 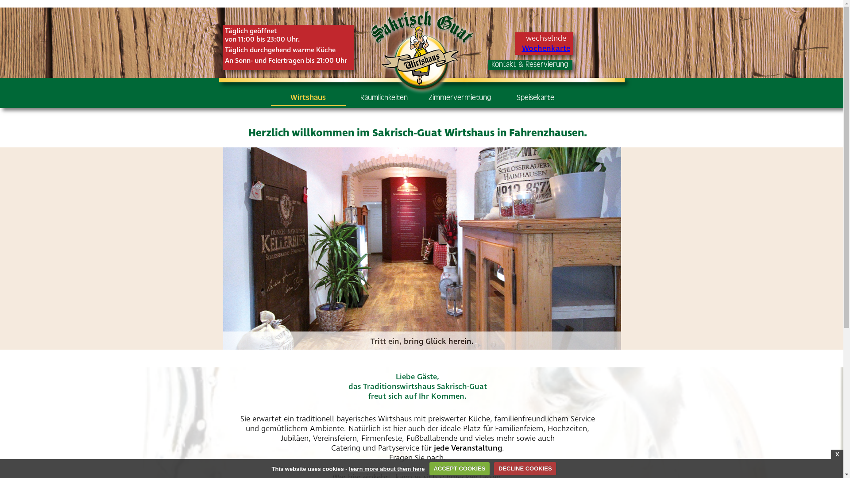 What do you see at coordinates (545, 48) in the screenshot?
I see `'Wochenkarte'` at bounding box center [545, 48].